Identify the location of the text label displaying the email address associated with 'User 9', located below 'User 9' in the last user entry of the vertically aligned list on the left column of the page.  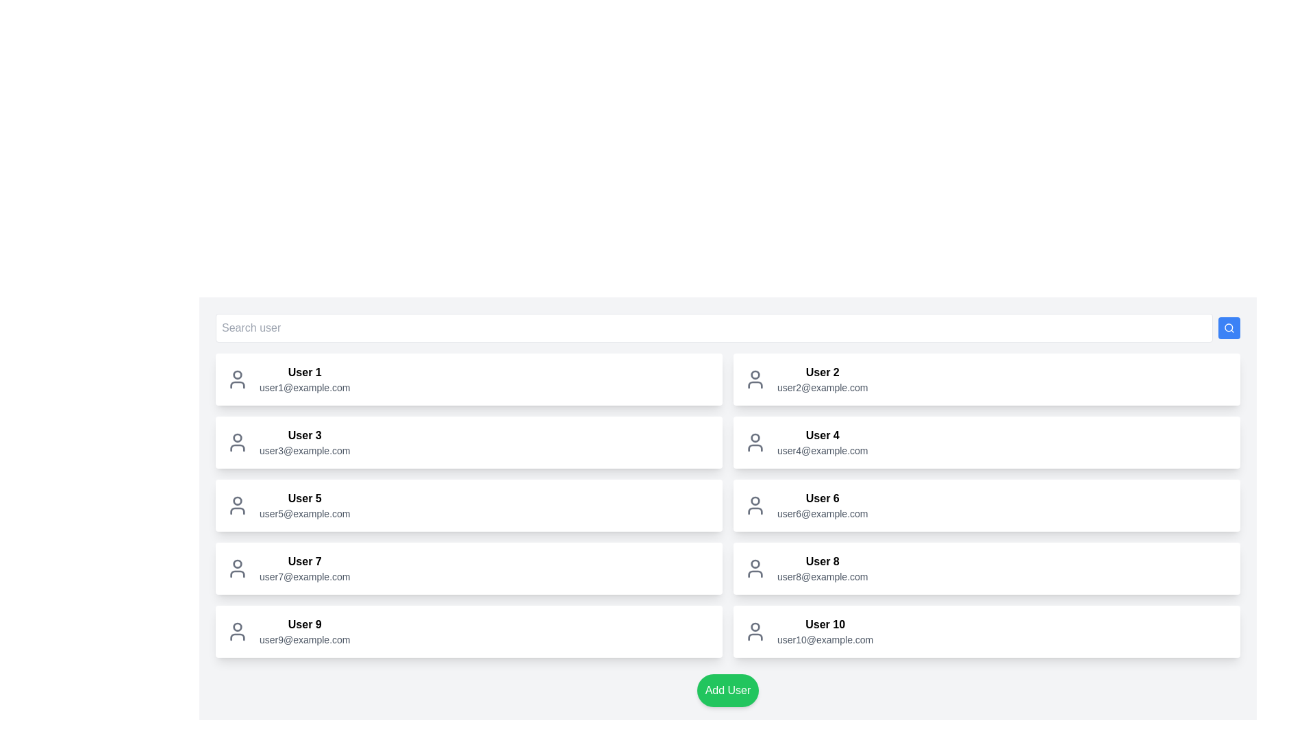
(304, 639).